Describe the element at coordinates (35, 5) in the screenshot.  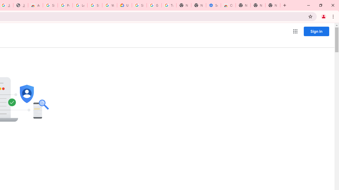
I see `'Awesome Screen Recorder & Screenshot - Chrome Web Store'` at that location.